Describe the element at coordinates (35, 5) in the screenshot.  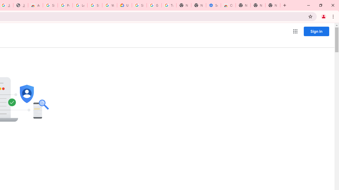
I see `'Awesome Screen Recorder & Screenshot - Chrome Web Store'` at that location.